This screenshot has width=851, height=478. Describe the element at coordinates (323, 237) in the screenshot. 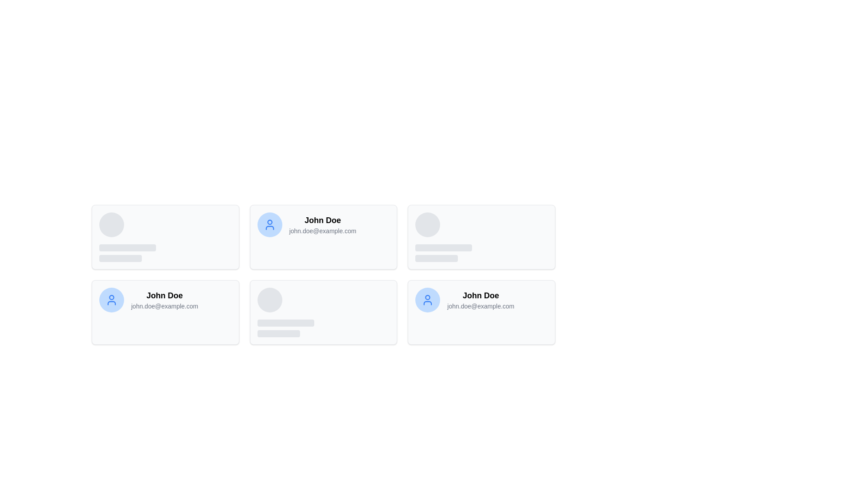

I see `on the Profile card element located in the second column of the first row of the grid layout` at that location.